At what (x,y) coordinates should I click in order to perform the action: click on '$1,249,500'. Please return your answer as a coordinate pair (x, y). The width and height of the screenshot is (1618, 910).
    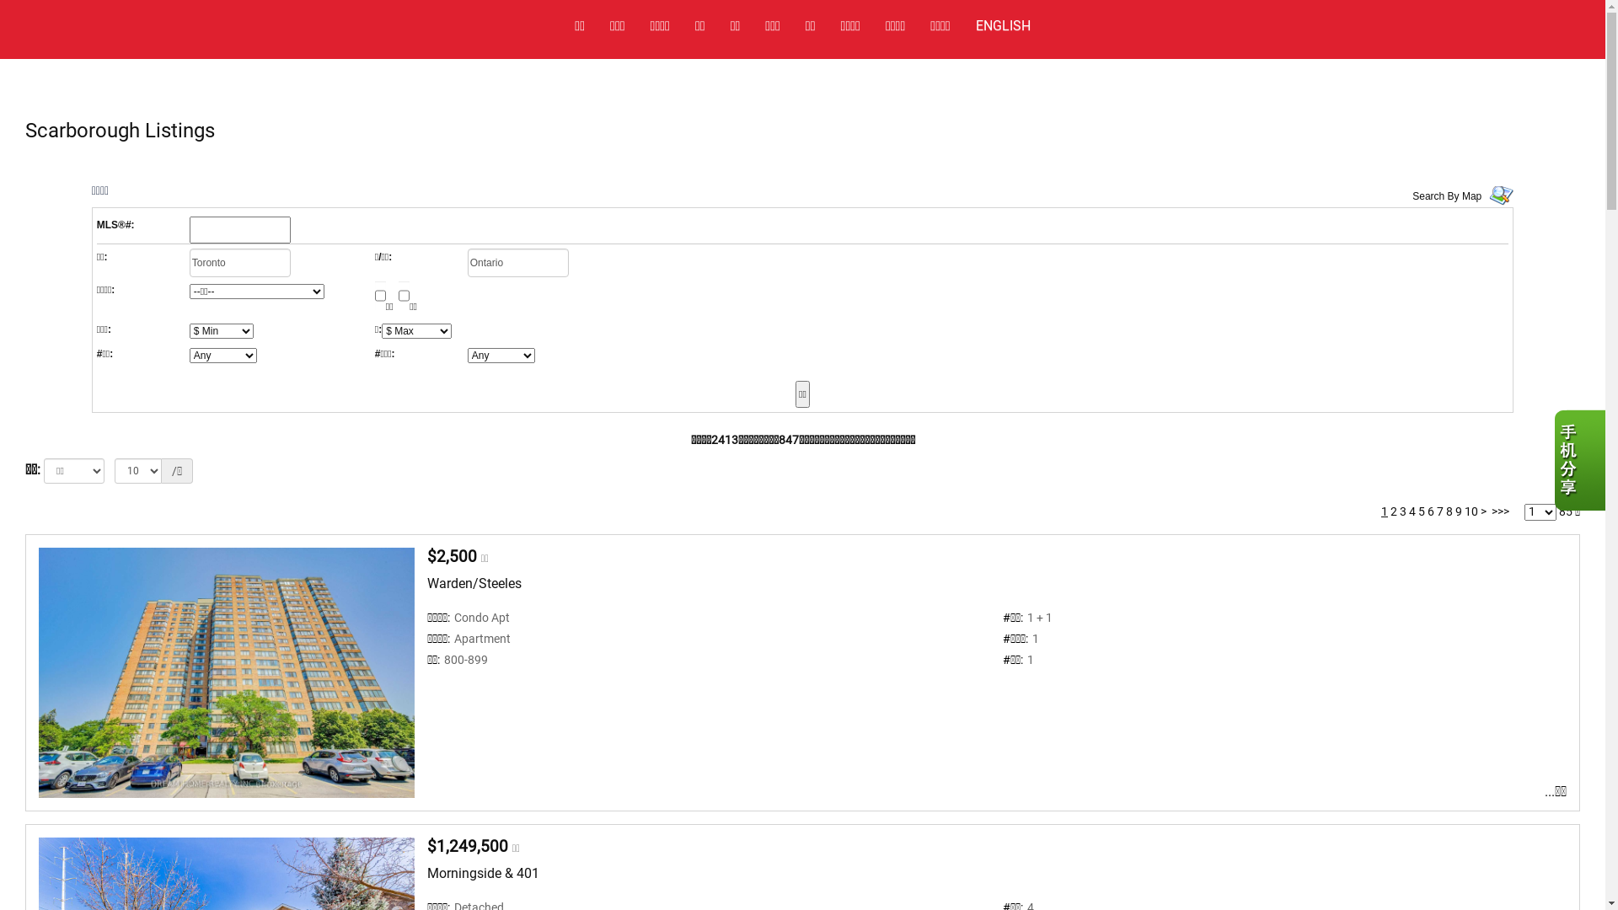
    Looking at the image, I should click on (468, 846).